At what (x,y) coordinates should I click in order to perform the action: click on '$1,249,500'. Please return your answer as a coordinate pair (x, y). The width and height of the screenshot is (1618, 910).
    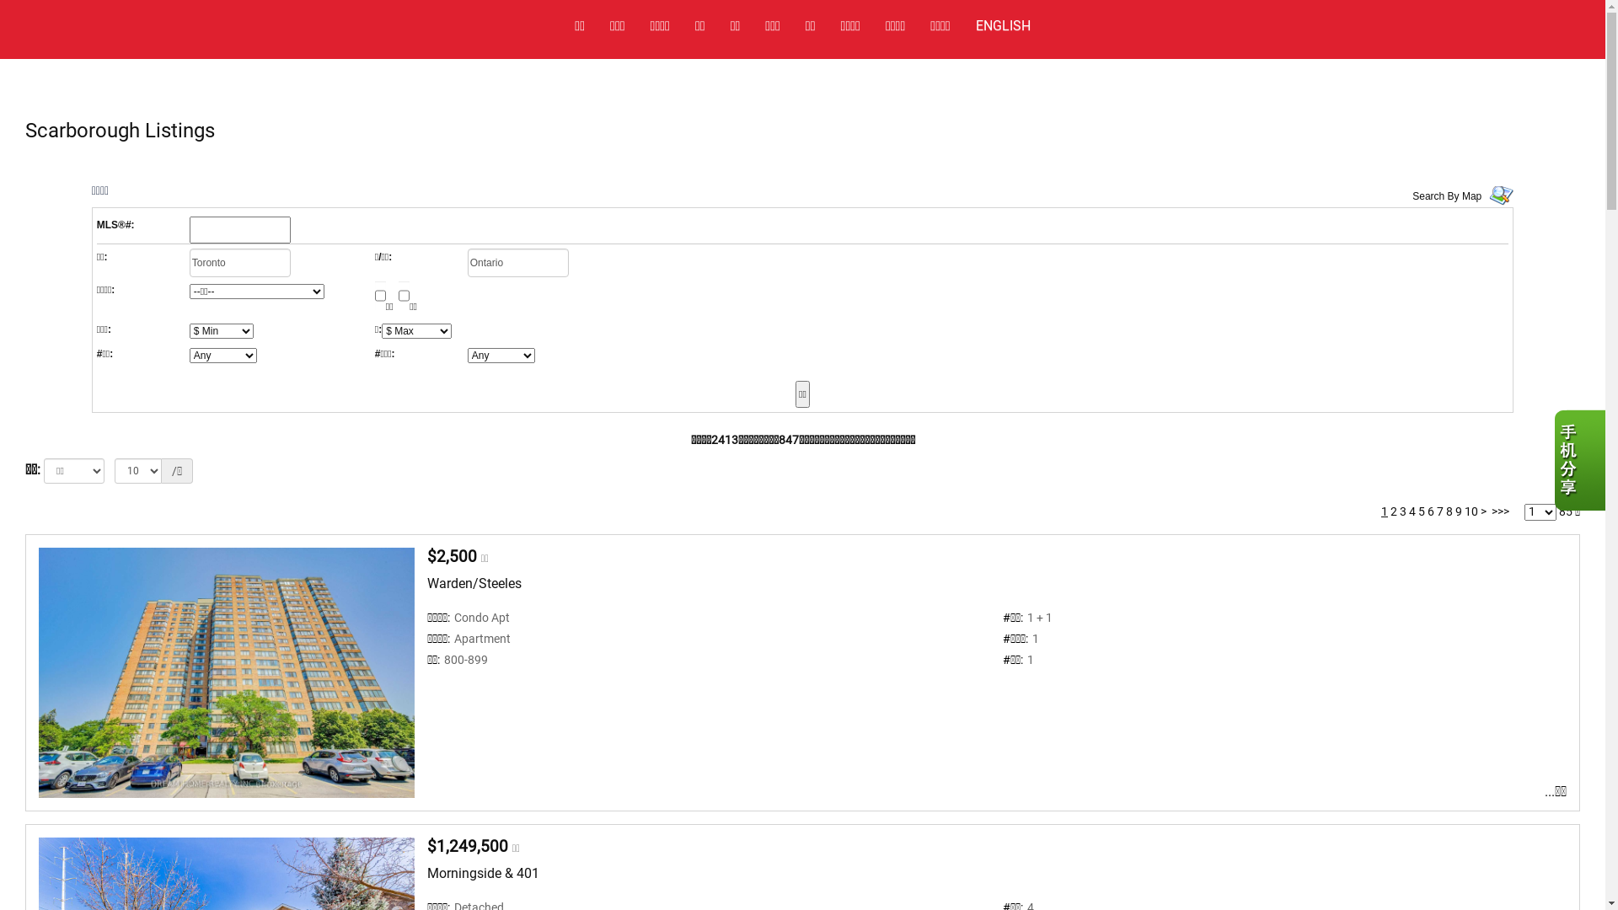
    Looking at the image, I should click on (468, 846).